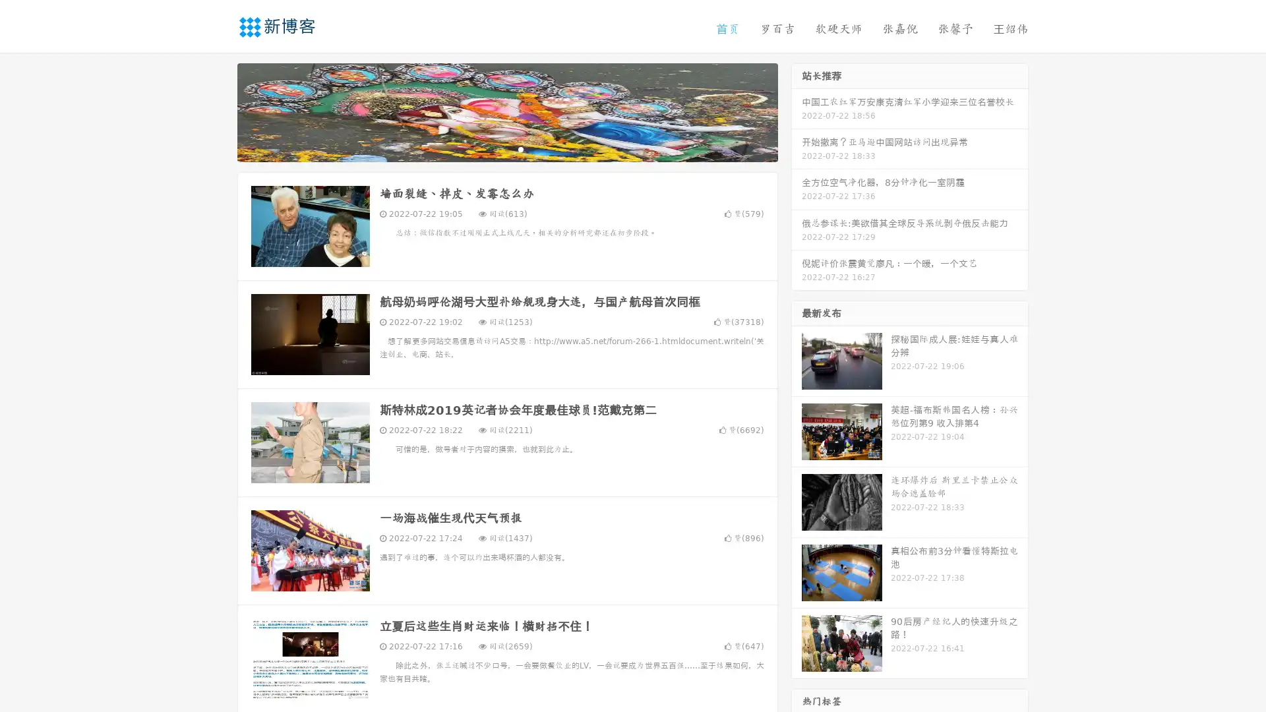 The image size is (1266, 712). What do you see at coordinates (506, 148) in the screenshot?
I see `Go to slide 2` at bounding box center [506, 148].